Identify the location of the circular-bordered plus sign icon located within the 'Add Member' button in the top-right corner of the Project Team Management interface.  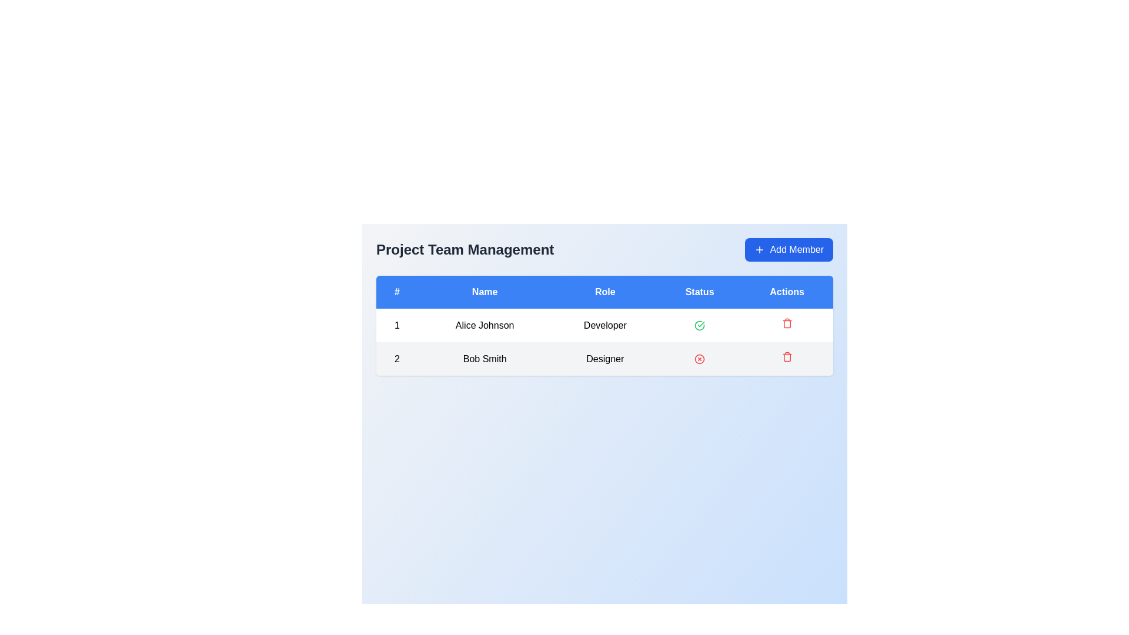
(760, 249).